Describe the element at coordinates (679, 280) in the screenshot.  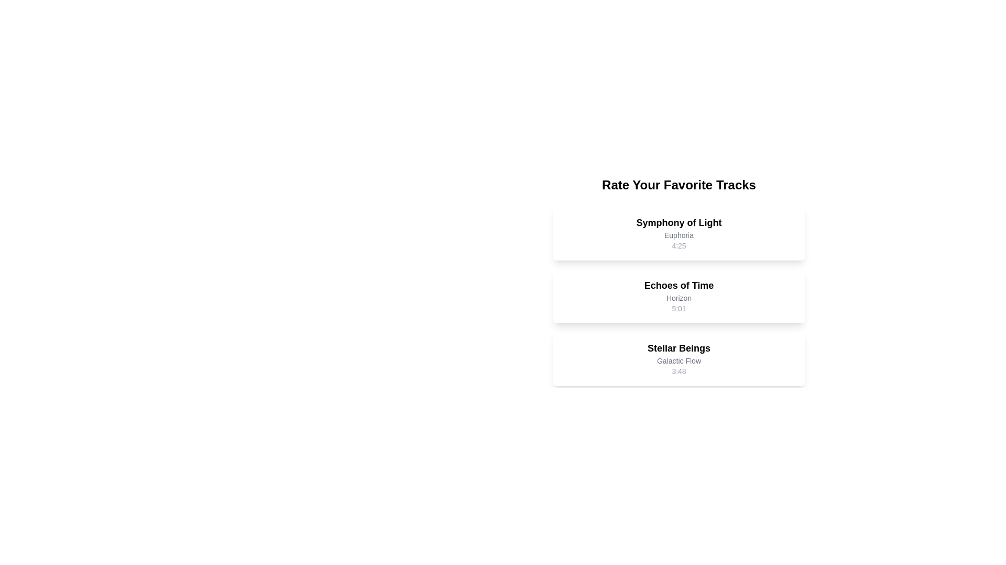
I see `the middle card in the list of three cards under the heading 'Rate Your Favorite Tracks'` at that location.